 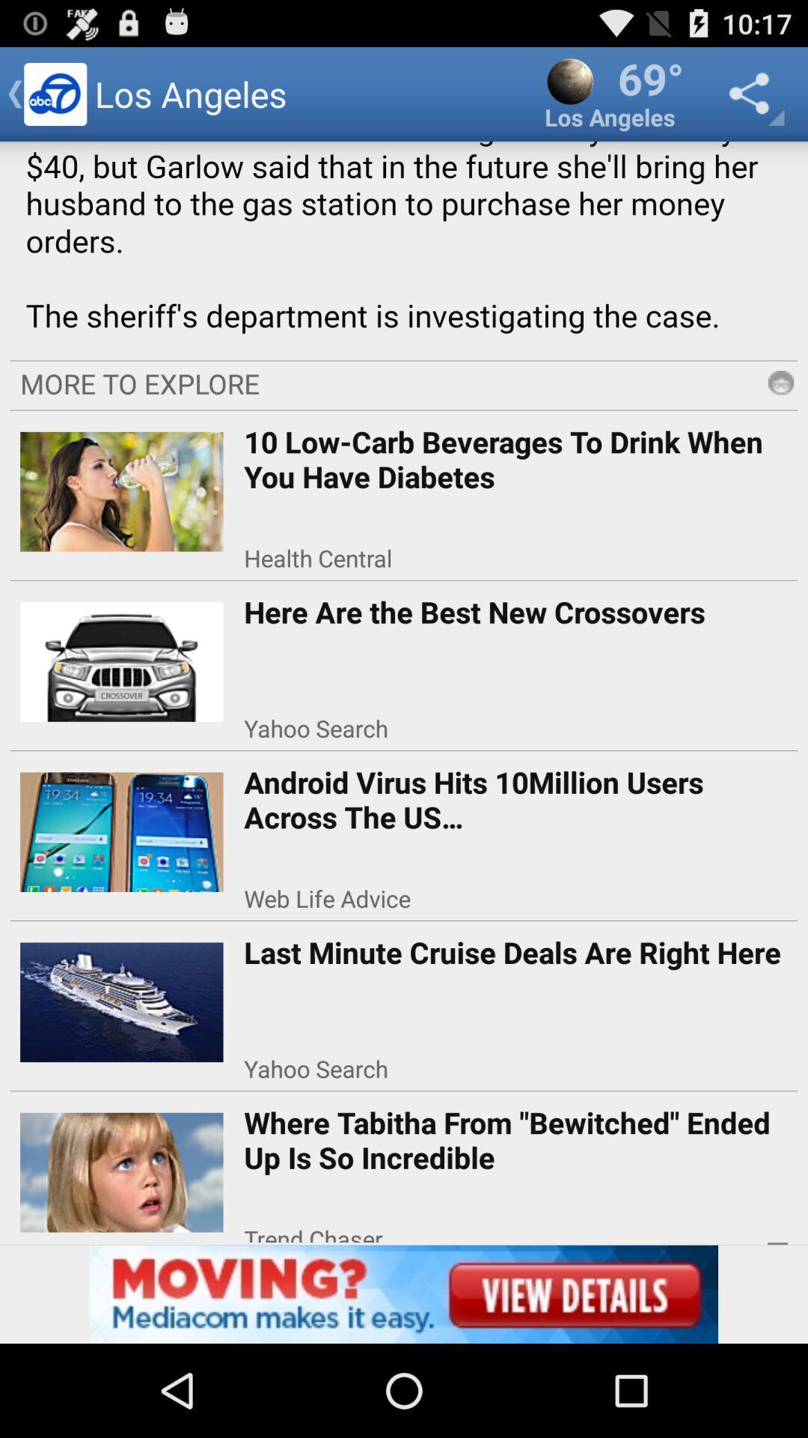 I want to click on left of third option, so click(x=121, y=826).